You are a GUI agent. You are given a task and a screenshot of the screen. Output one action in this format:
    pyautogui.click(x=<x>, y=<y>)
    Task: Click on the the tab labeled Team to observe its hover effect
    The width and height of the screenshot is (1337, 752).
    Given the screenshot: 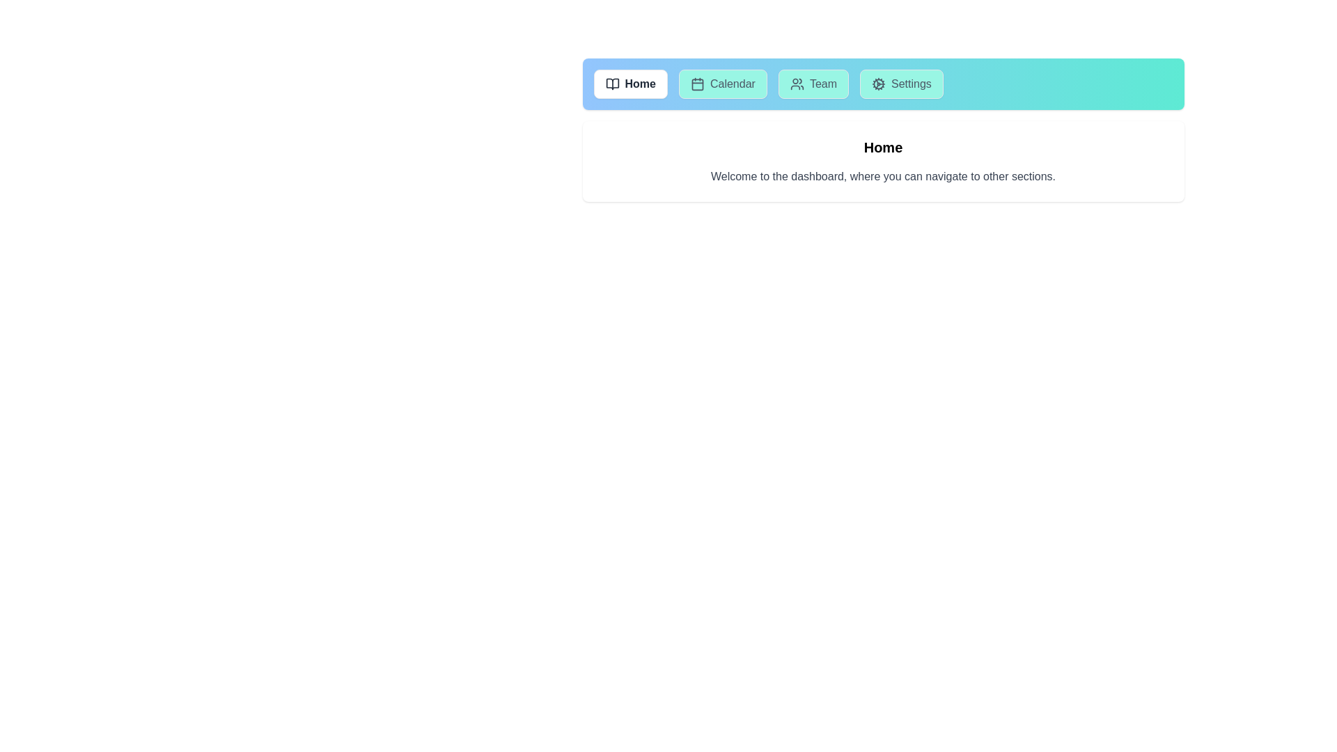 What is the action you would take?
    pyautogui.click(x=813, y=84)
    